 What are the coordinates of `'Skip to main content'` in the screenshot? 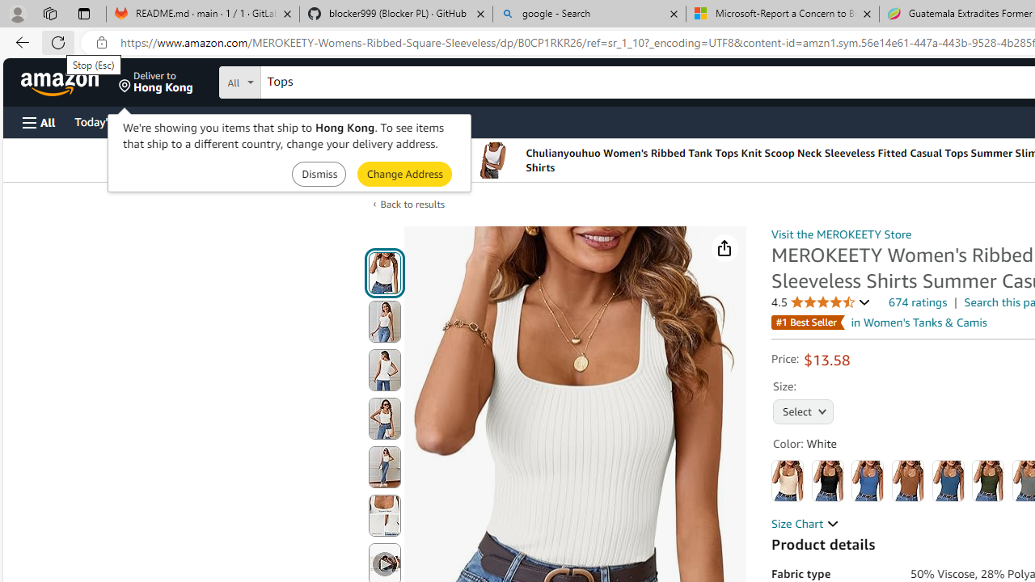 It's located at (70, 81).